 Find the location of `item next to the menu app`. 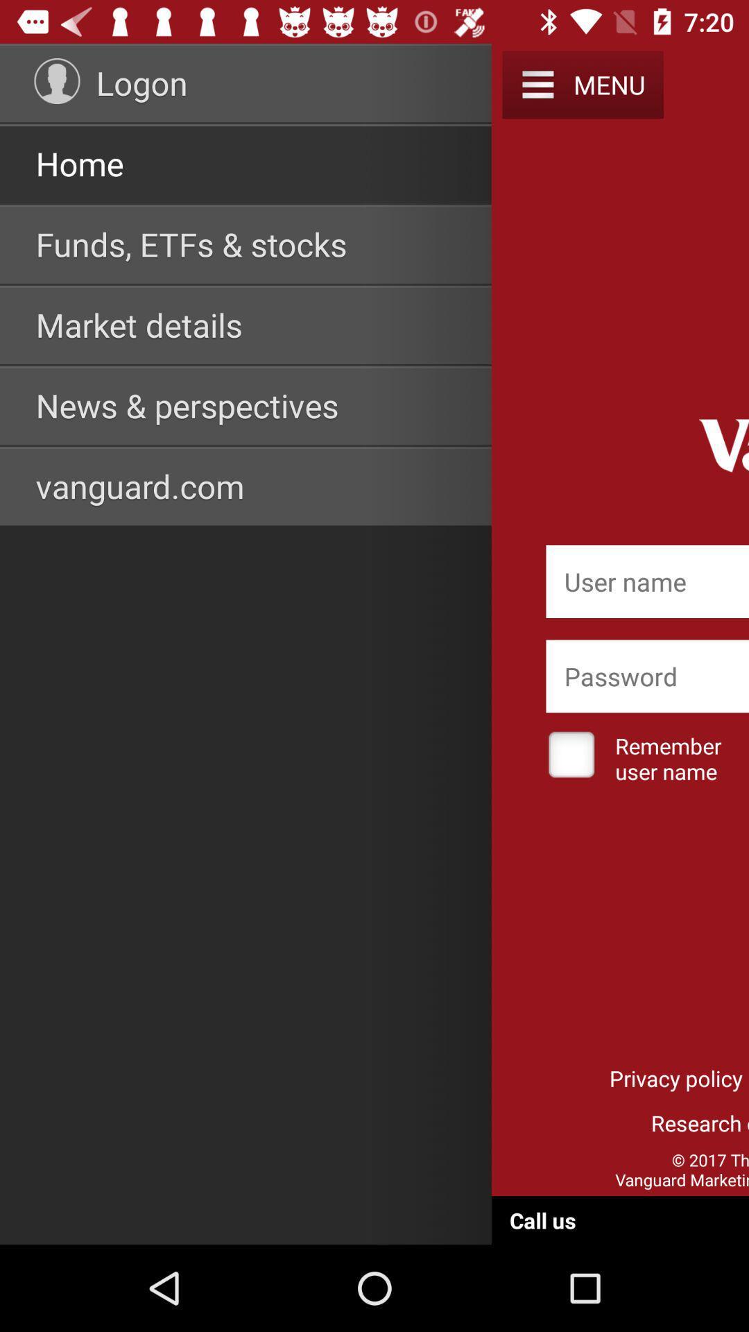

item next to the menu app is located at coordinates (537, 84).